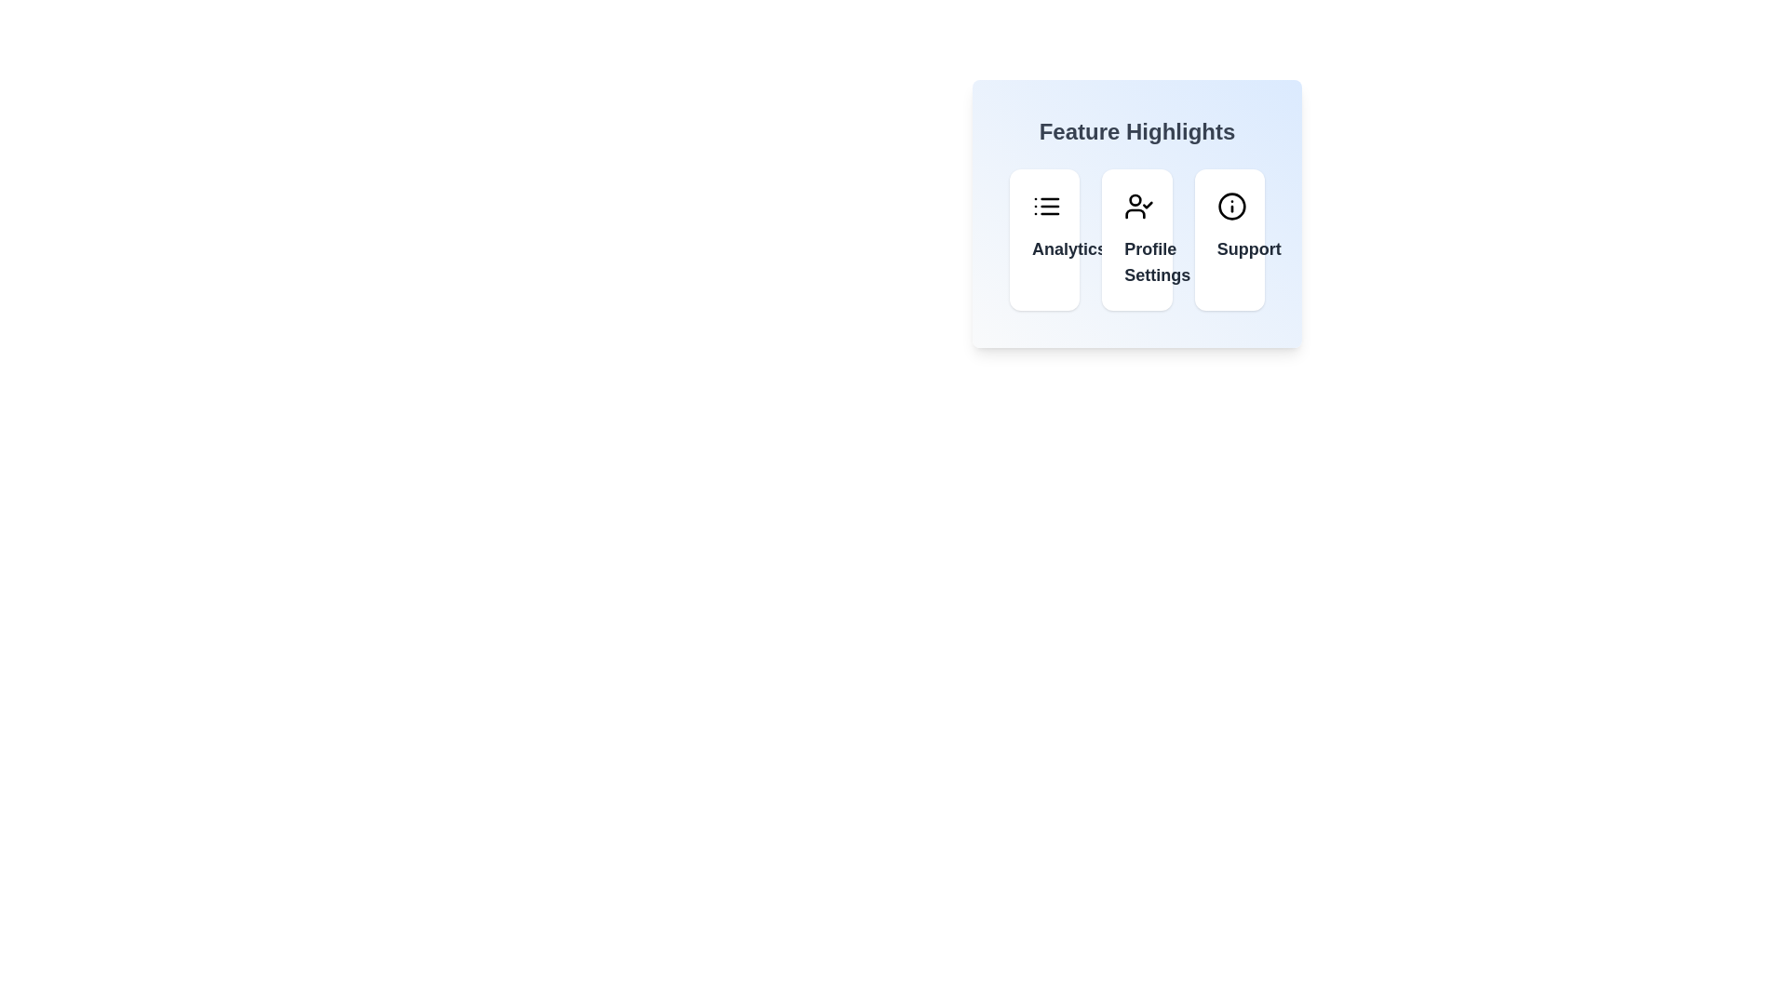 This screenshot has height=1005, width=1787. I want to click on the static text element labeled 'Profile Settings', which is styled in bold, medium-large dark gray font and positioned under a user icon with a checkmark in a vertical card layout, so click(1136, 261).